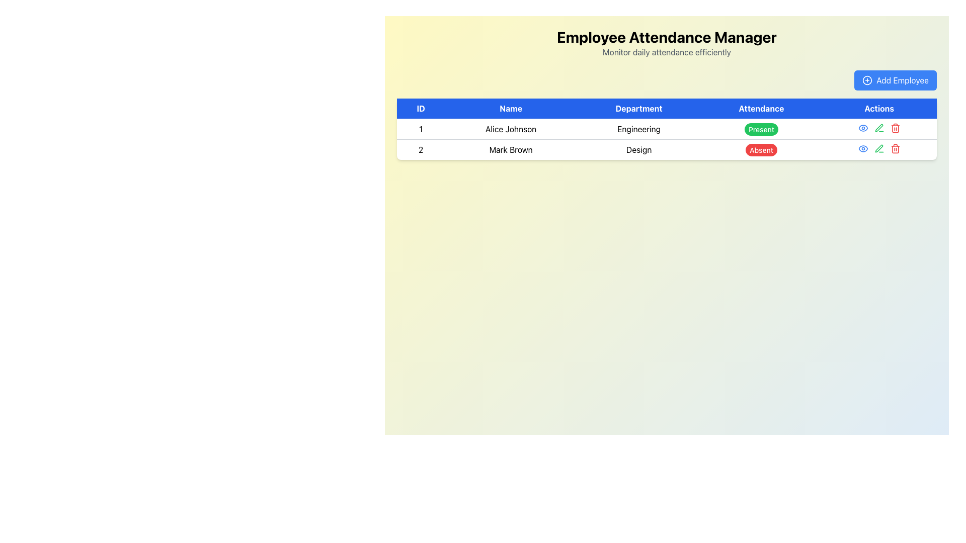  What do you see at coordinates (667, 129) in the screenshot?
I see `the first row of the employee data table that displays ID '1', Name 'Alice Johnson', Department 'Engineering', Attendance 'Present', and includes interactive actions` at bounding box center [667, 129].